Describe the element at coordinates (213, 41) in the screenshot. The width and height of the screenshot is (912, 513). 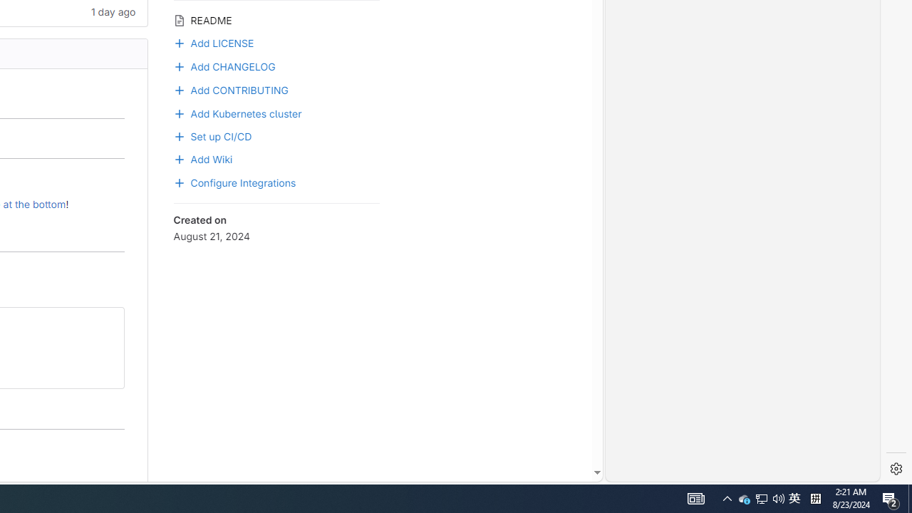
I see `'Add LICENSE'` at that location.